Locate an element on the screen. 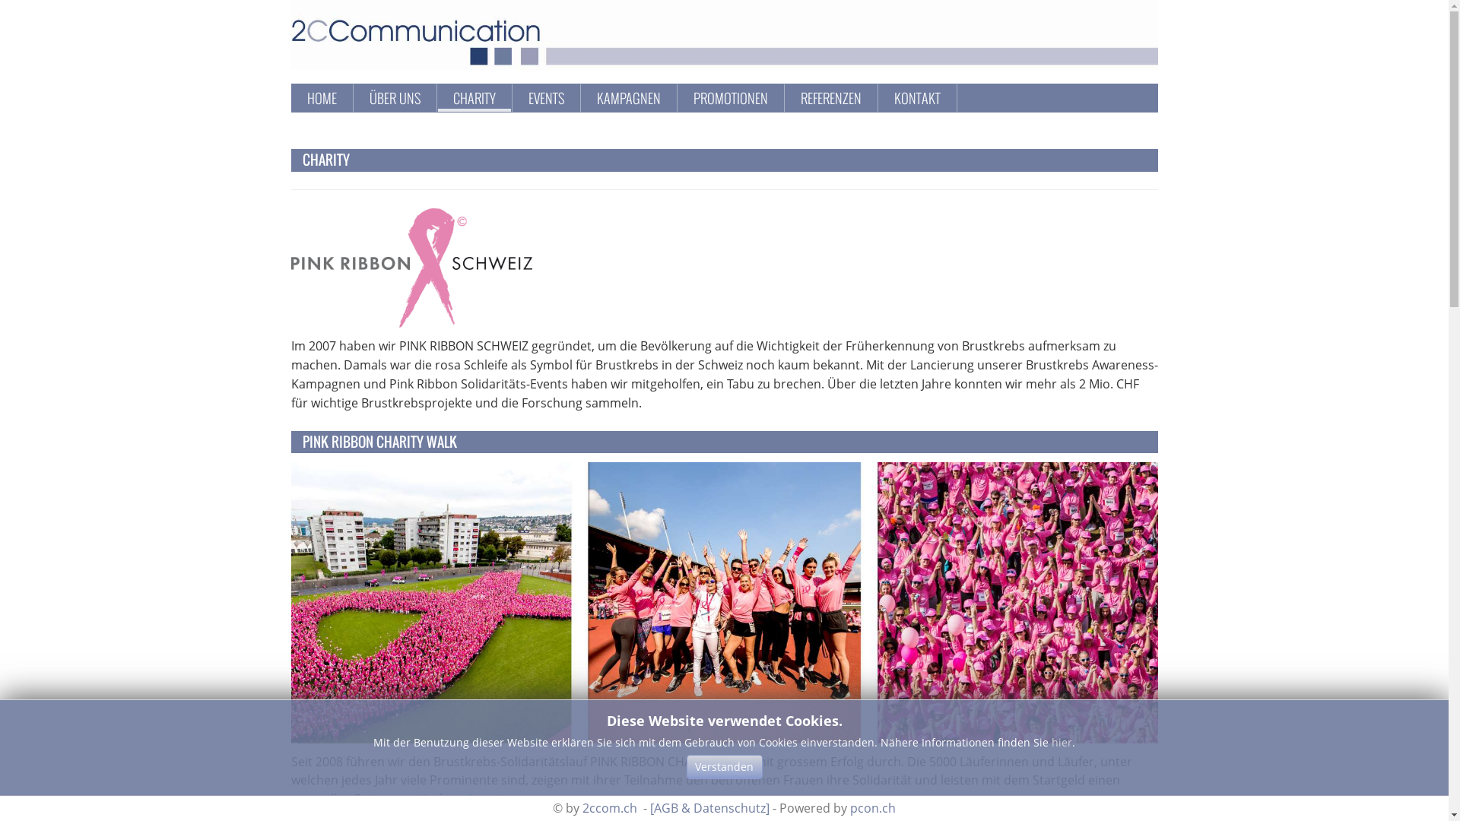  '2ccom.ch' is located at coordinates (609, 807).